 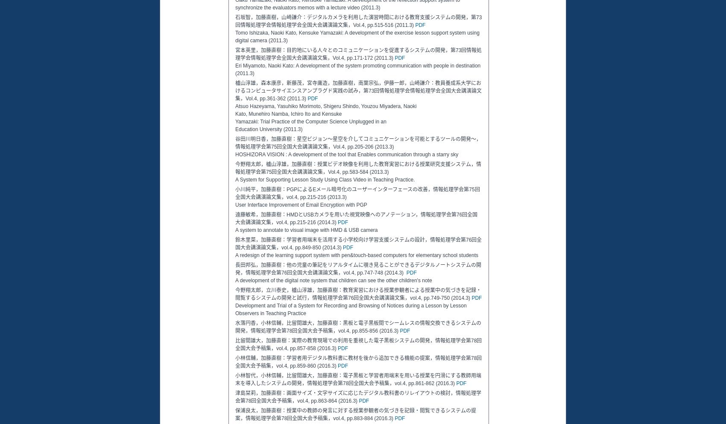 What do you see at coordinates (357, 69) in the screenshot?
I see `'Eri Miyamoto, Naoki Kato: A development of the system promoting communication with people in destination (2011.3)'` at bounding box center [357, 69].